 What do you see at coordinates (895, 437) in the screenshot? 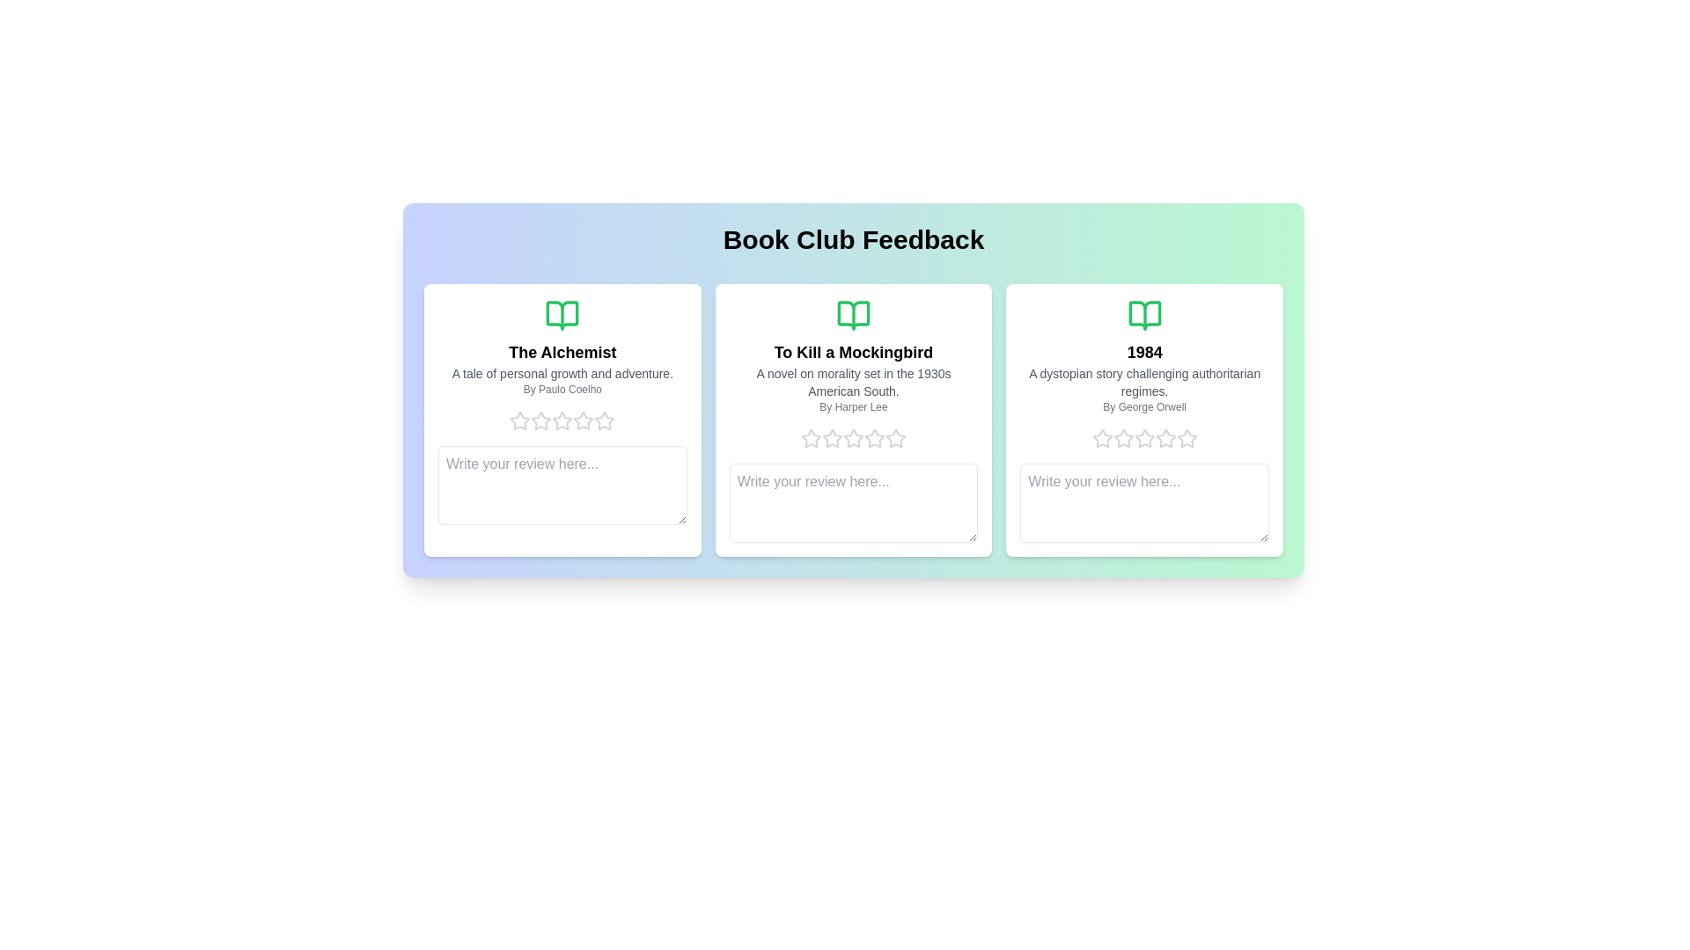
I see `the last gray star icon in the rating system under the 'To Kill a Mockingbird' tile` at bounding box center [895, 437].